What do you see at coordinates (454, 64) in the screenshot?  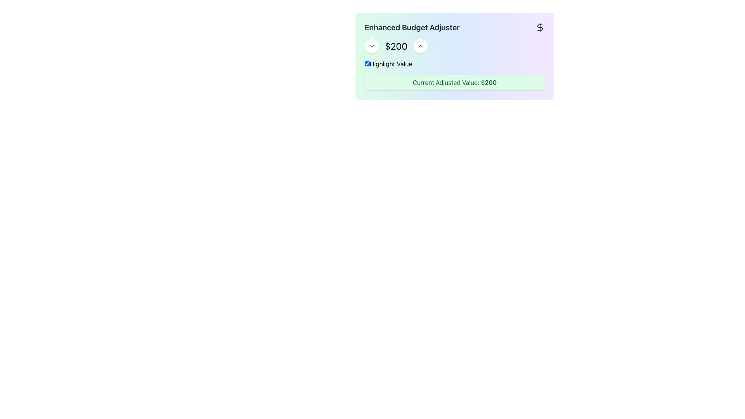 I see `the checkbox labeled 'Highlight Value'` at bounding box center [454, 64].